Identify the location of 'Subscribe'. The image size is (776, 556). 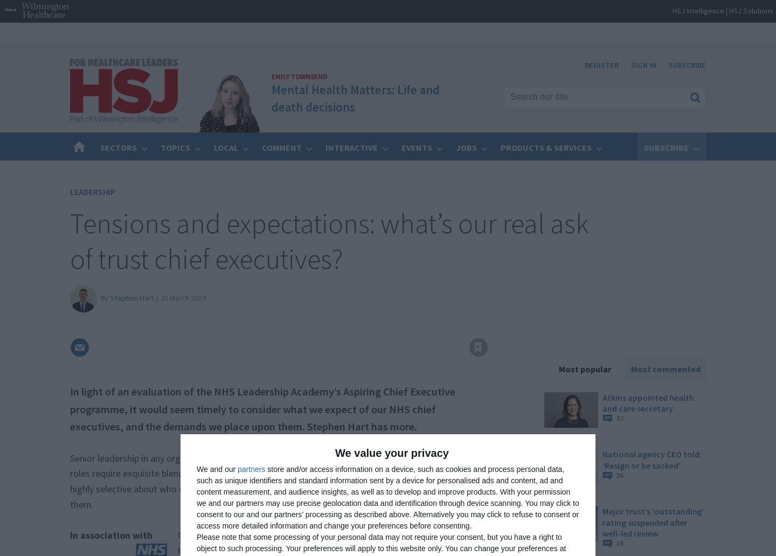
(644, 147).